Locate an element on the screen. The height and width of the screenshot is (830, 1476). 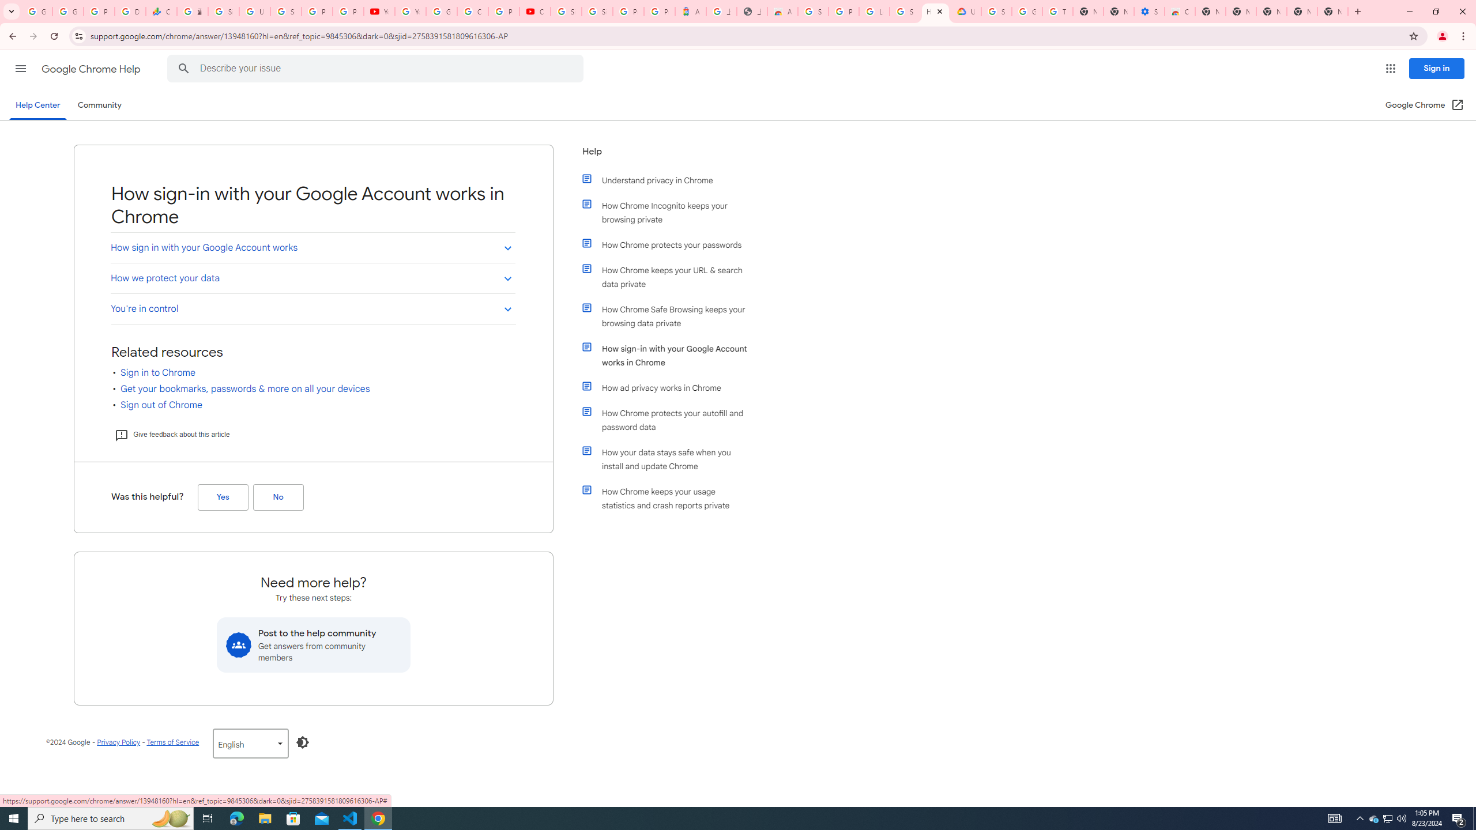
'Describe your issue' is located at coordinates (376, 68).